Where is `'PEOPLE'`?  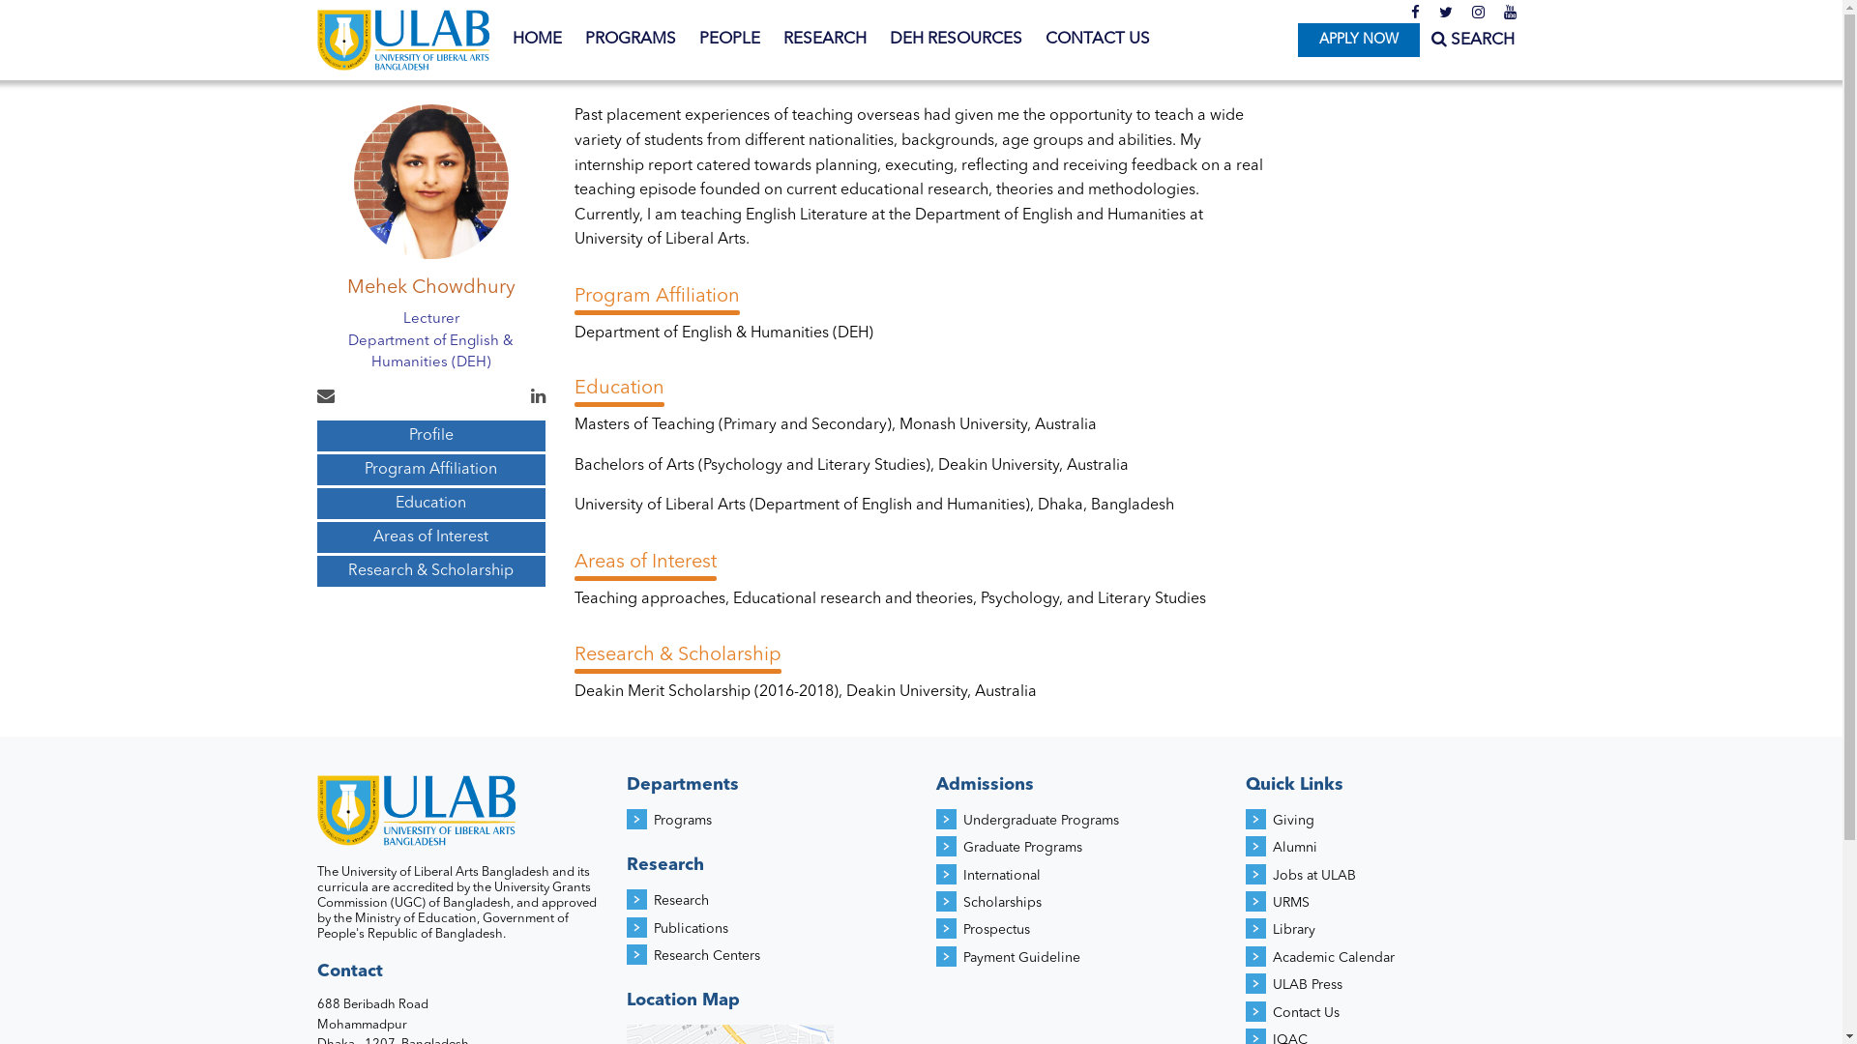 'PEOPLE' is located at coordinates (727, 40).